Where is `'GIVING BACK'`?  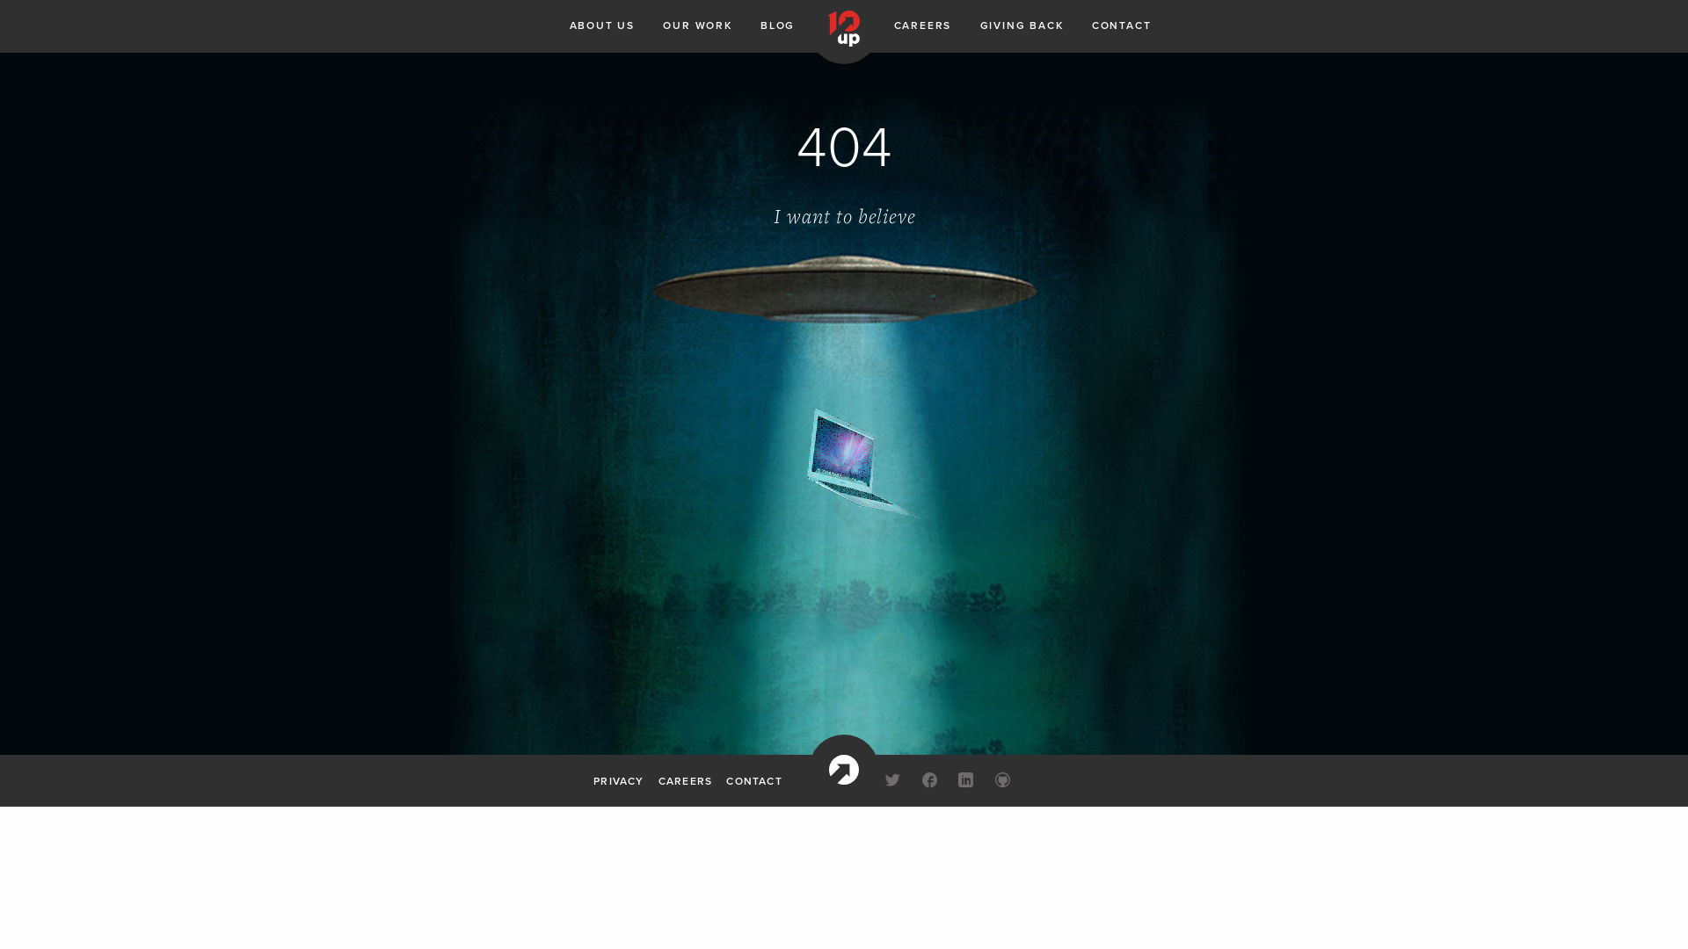 'GIVING BACK' is located at coordinates (1022, 25).